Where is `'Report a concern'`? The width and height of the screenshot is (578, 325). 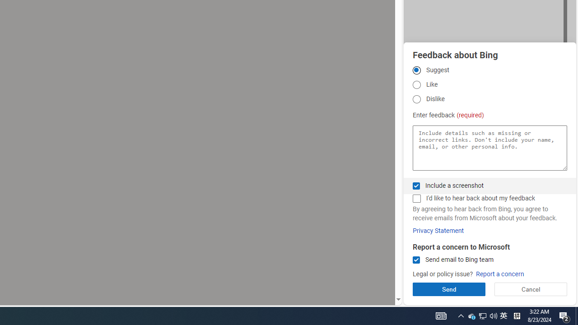
'Report a concern' is located at coordinates (499, 274).